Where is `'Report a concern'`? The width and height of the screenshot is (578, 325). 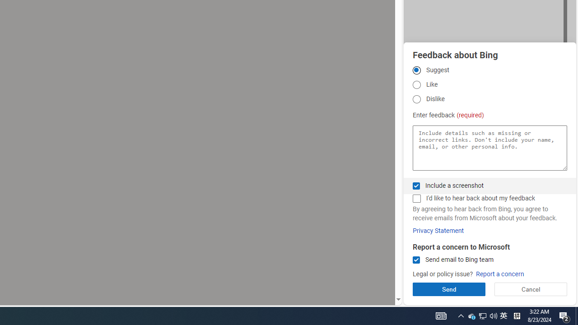
'Report a concern' is located at coordinates (499, 274).